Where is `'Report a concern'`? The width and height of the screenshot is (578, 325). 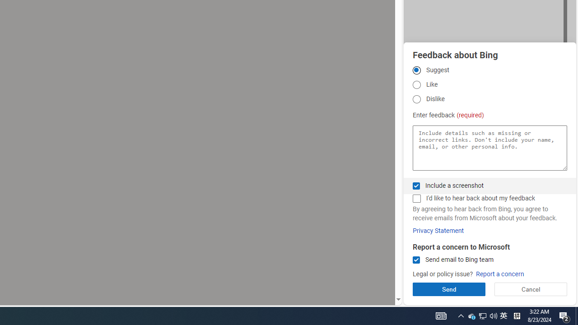
'Report a concern' is located at coordinates (499, 274).